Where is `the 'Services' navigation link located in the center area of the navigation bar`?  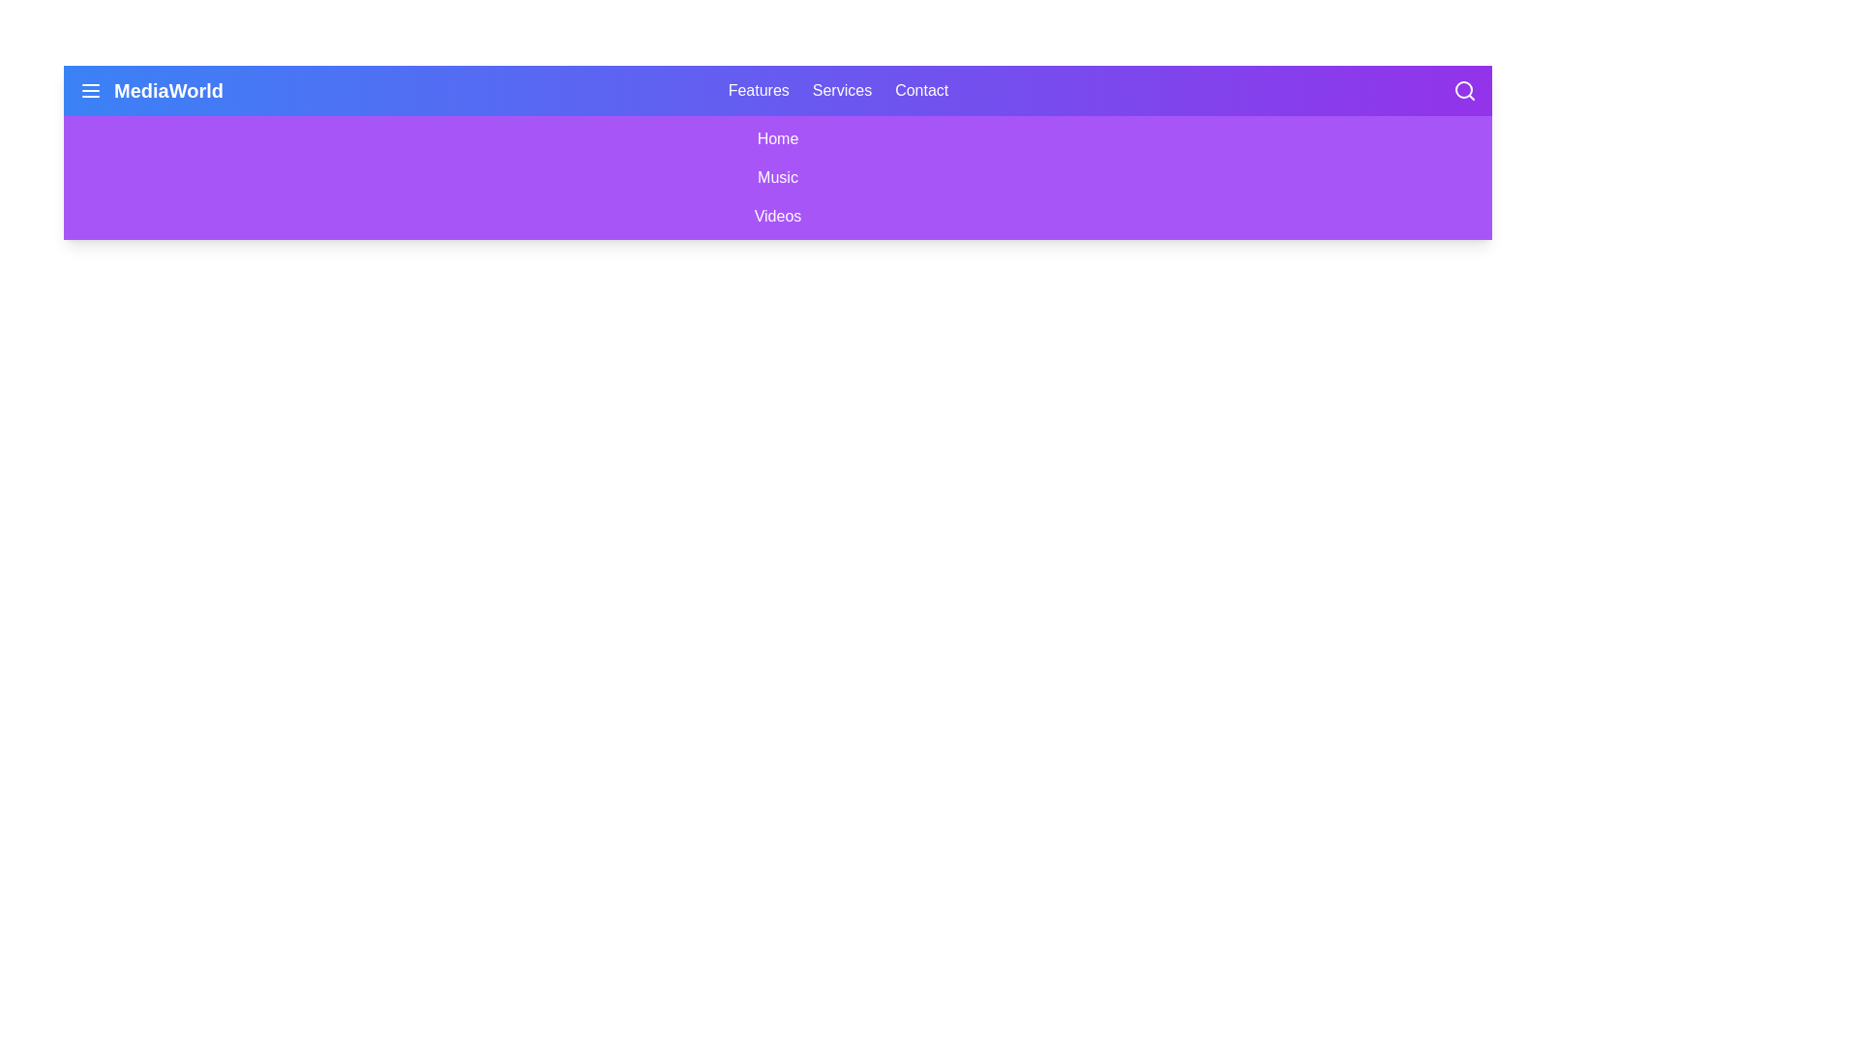 the 'Services' navigation link located in the center area of the navigation bar is located at coordinates (842, 90).